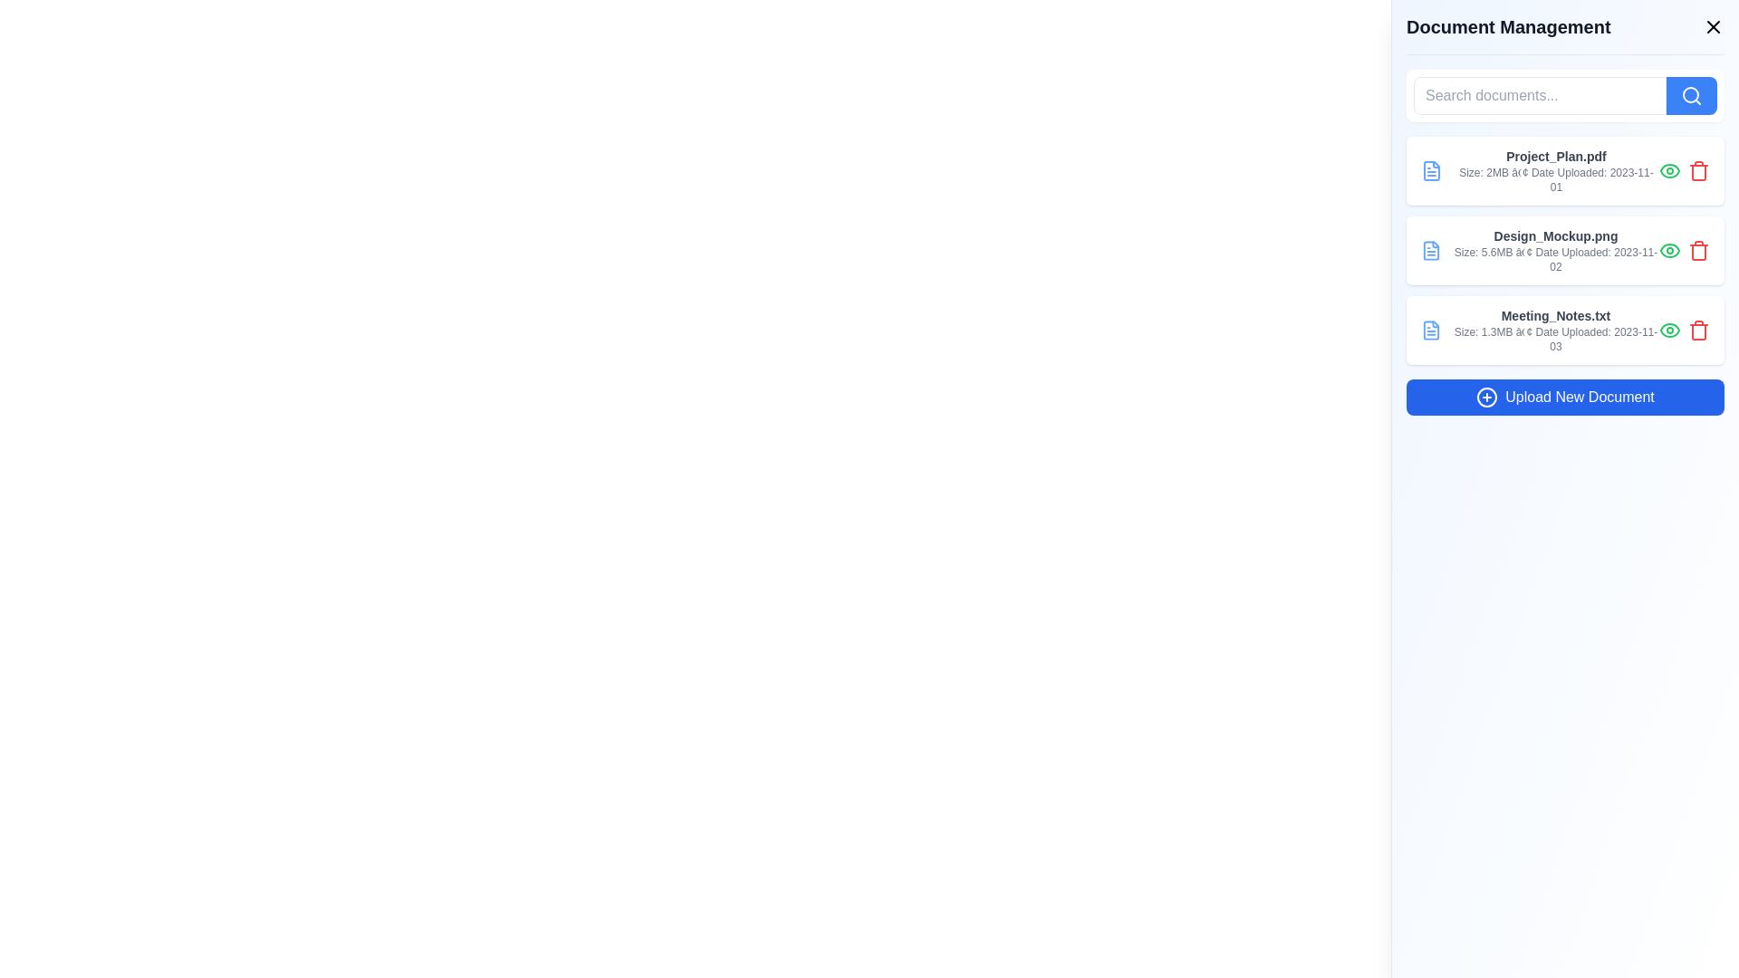  Describe the element at coordinates (1430, 251) in the screenshot. I see `the file icon representing the 'Design_Mockup.png' file entry in the document list` at that location.